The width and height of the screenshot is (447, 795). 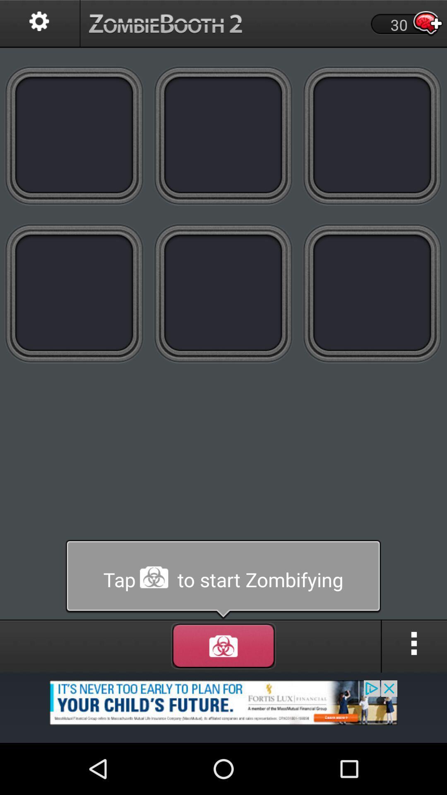 What do you see at coordinates (223, 135) in the screenshot?
I see `start zombifying click button` at bounding box center [223, 135].